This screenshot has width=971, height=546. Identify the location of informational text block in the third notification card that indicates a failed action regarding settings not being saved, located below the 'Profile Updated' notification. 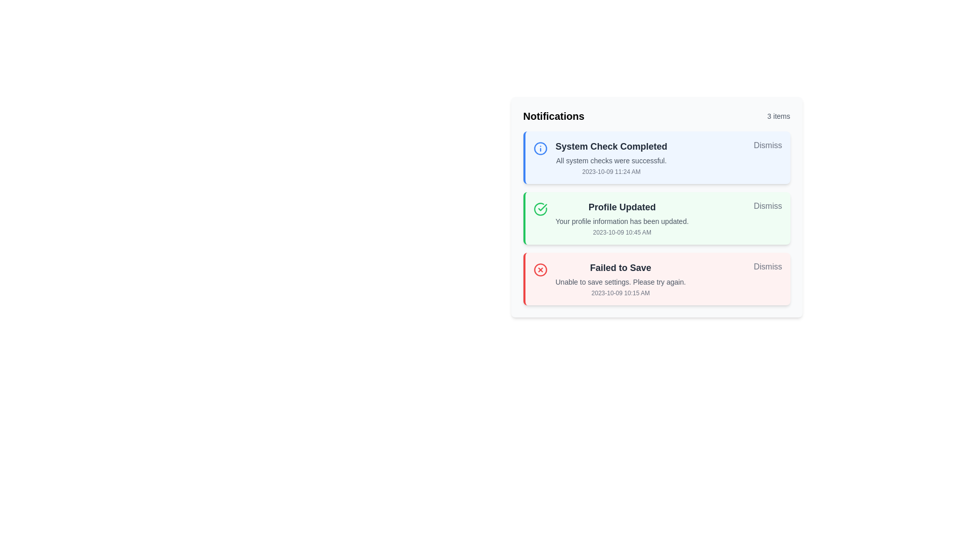
(620, 279).